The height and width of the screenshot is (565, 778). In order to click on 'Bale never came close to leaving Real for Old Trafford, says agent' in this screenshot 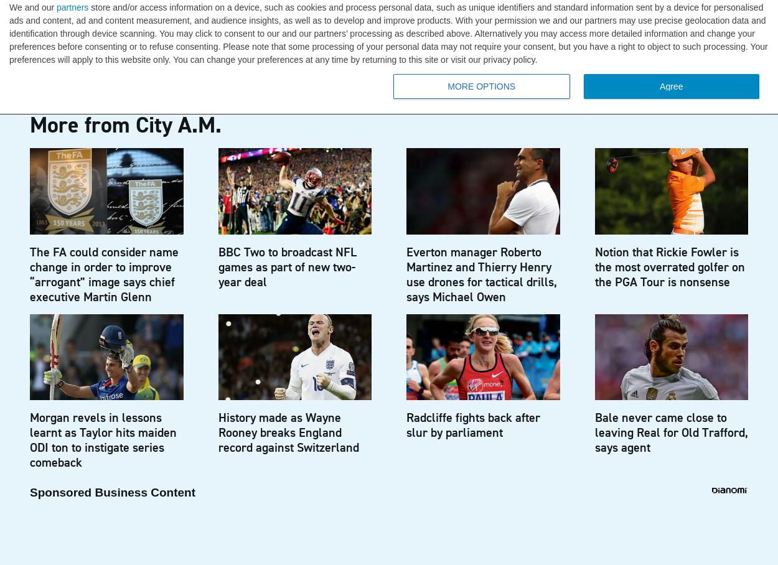, I will do `click(670, 431)`.